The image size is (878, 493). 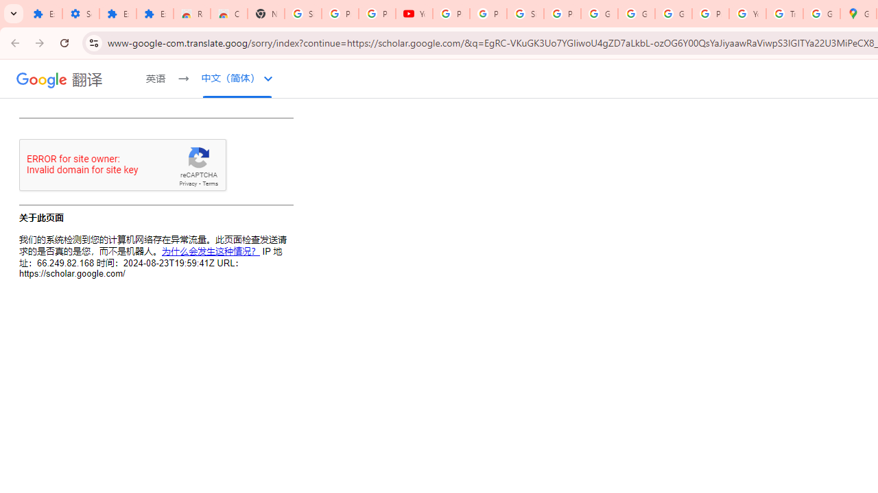 What do you see at coordinates (154, 14) in the screenshot?
I see `'Extensions'` at bounding box center [154, 14].